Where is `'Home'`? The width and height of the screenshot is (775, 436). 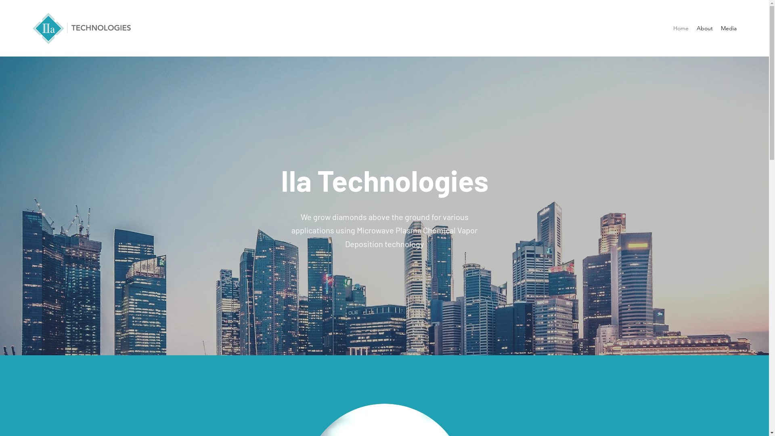
'Home' is located at coordinates (680, 27).